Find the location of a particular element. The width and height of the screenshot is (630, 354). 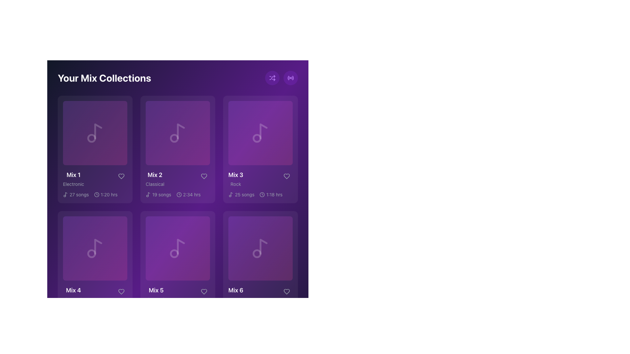

the play button located in the center of the 'Mix 5' card is located at coordinates (178, 248).